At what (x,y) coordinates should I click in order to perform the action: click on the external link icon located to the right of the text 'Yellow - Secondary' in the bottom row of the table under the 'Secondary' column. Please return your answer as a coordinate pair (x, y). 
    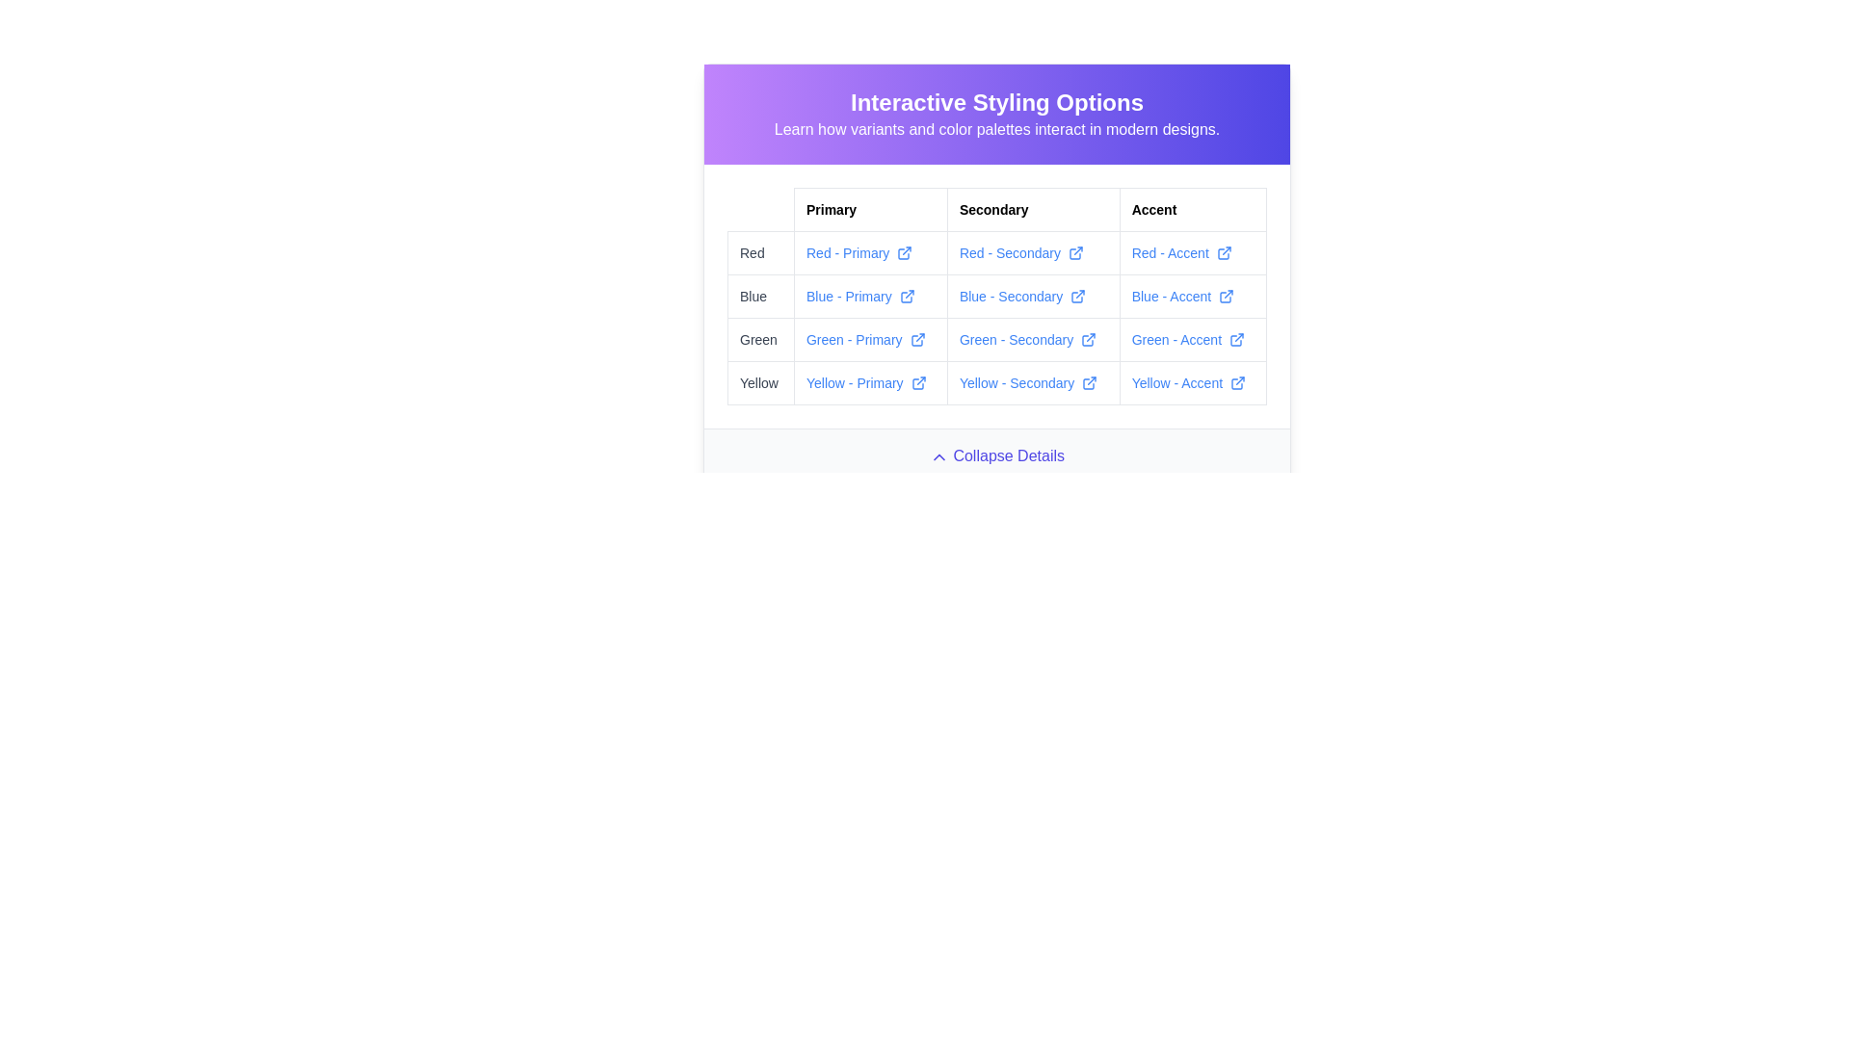
    Looking at the image, I should click on (1090, 382).